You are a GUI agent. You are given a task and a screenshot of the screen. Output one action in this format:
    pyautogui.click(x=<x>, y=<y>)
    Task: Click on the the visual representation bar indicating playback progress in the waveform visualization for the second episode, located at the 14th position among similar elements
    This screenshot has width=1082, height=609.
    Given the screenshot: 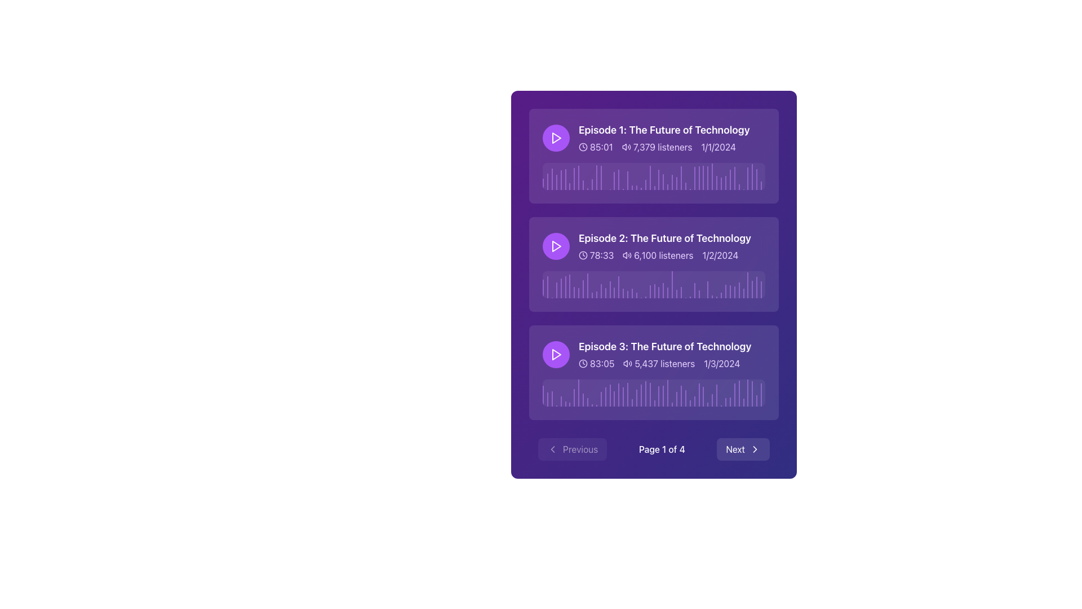 What is the action you would take?
    pyautogui.click(x=600, y=290)
    